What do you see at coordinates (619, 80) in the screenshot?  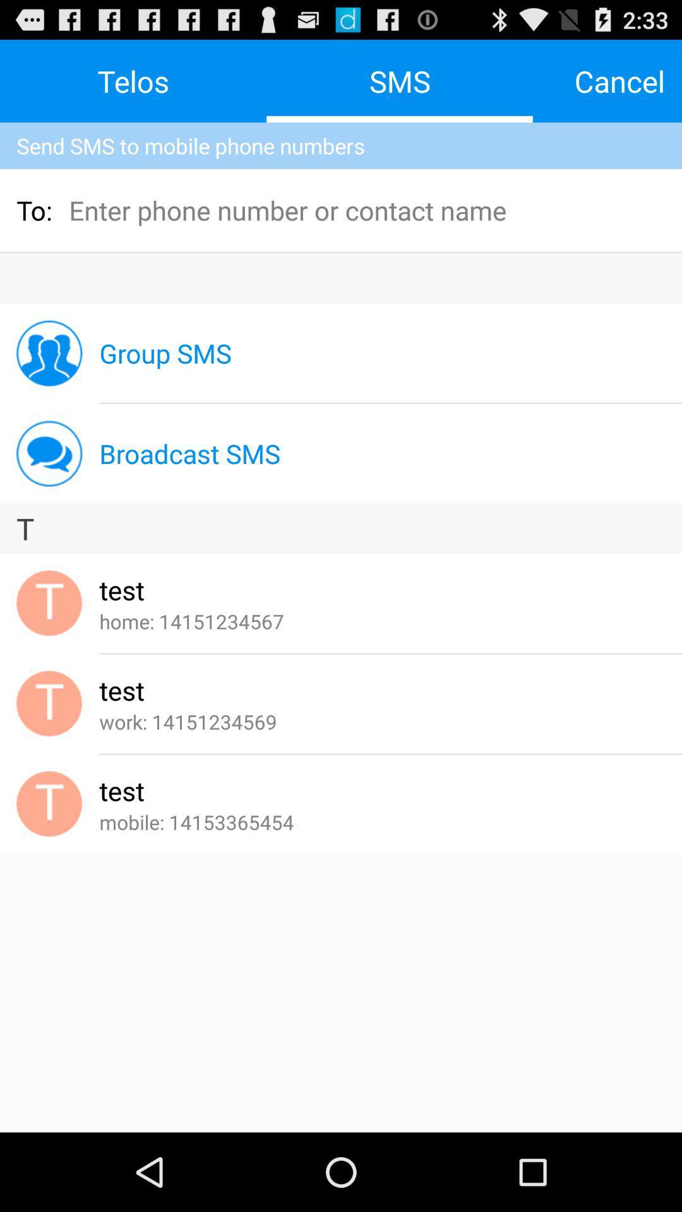 I see `the cancel at the top right corner` at bounding box center [619, 80].